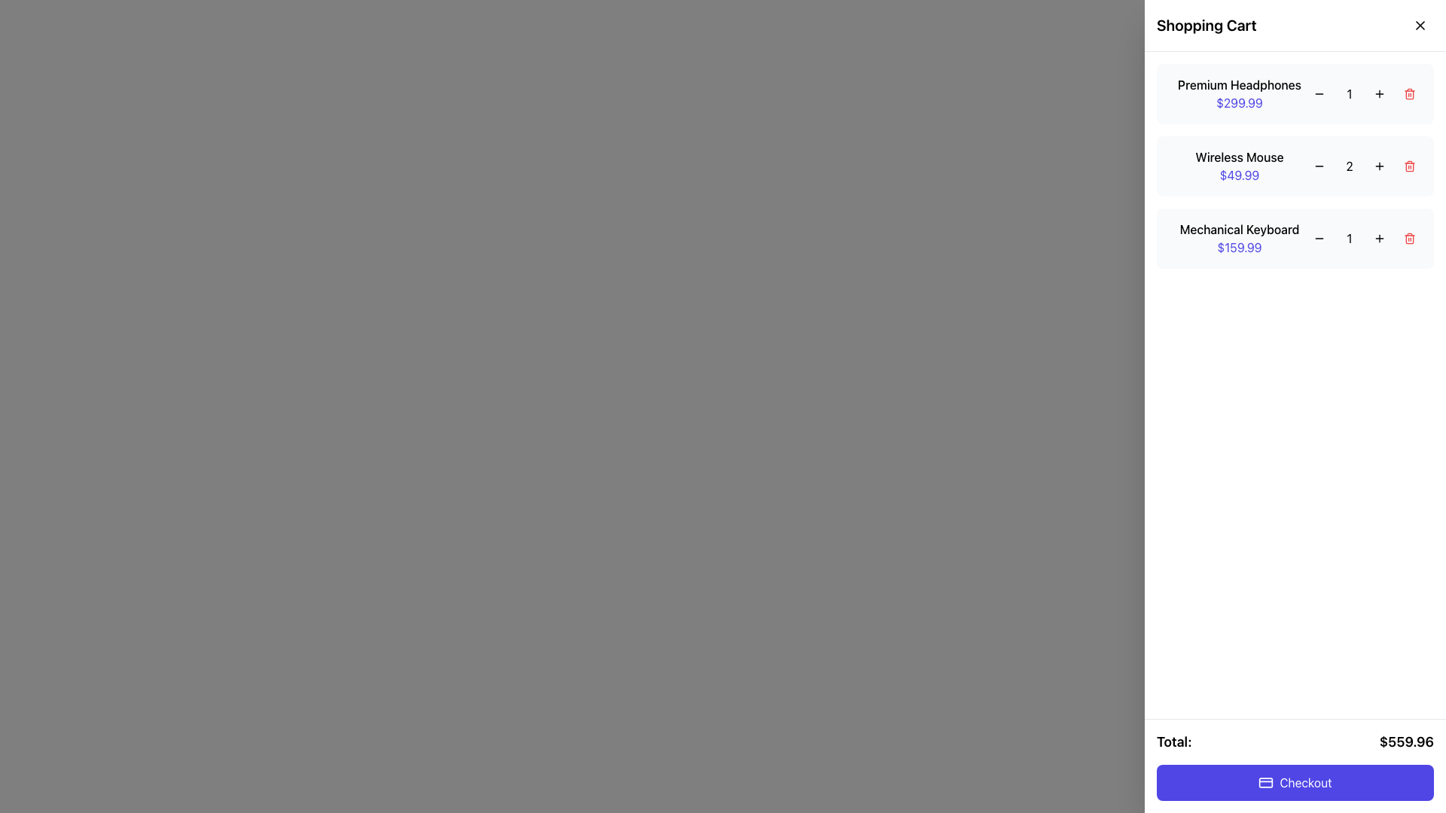  Describe the element at coordinates (1240, 157) in the screenshot. I see `the text label identifying the second item in the shopping cart, which is located above the '$49.99' price text` at that location.